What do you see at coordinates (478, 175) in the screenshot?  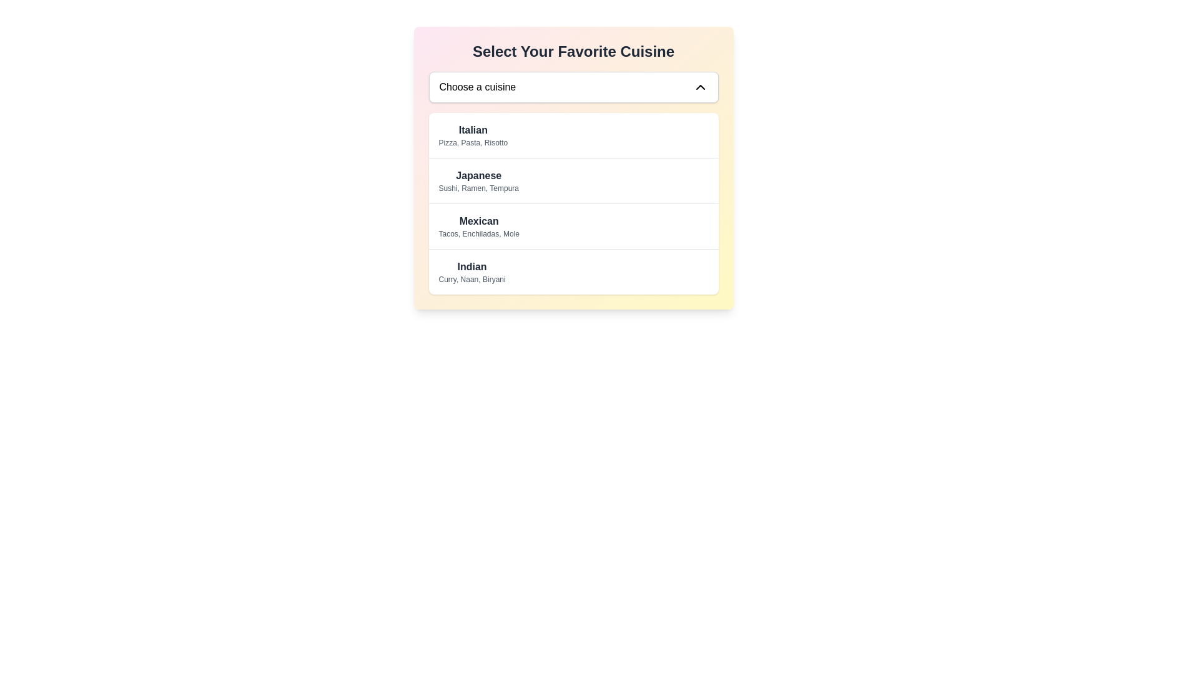 I see `the text label representing a selectable item in the food cuisines list, located in the second row, below 'Italian' and above 'Mexican'` at bounding box center [478, 175].